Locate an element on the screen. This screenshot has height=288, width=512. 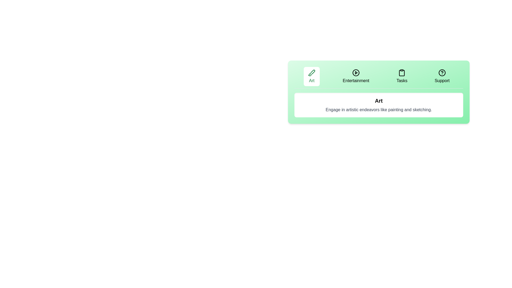
the 'Entertainment' item in the navigation bar is located at coordinates (378, 78).